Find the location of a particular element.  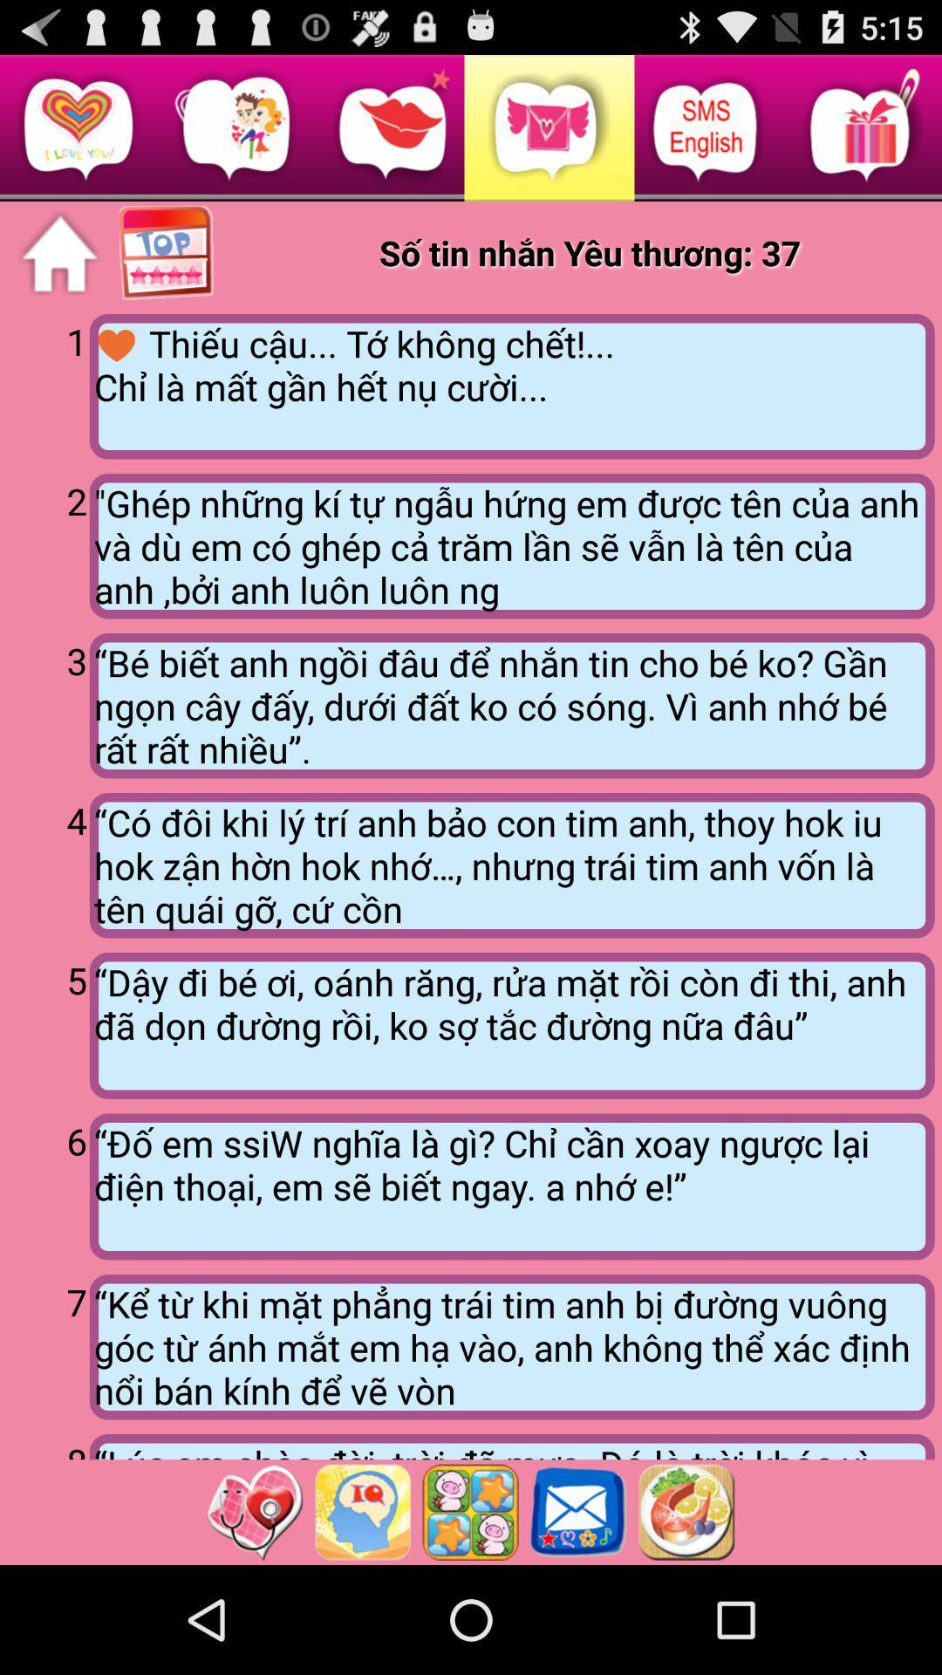

the item above the 4 is located at coordinates (511, 706).